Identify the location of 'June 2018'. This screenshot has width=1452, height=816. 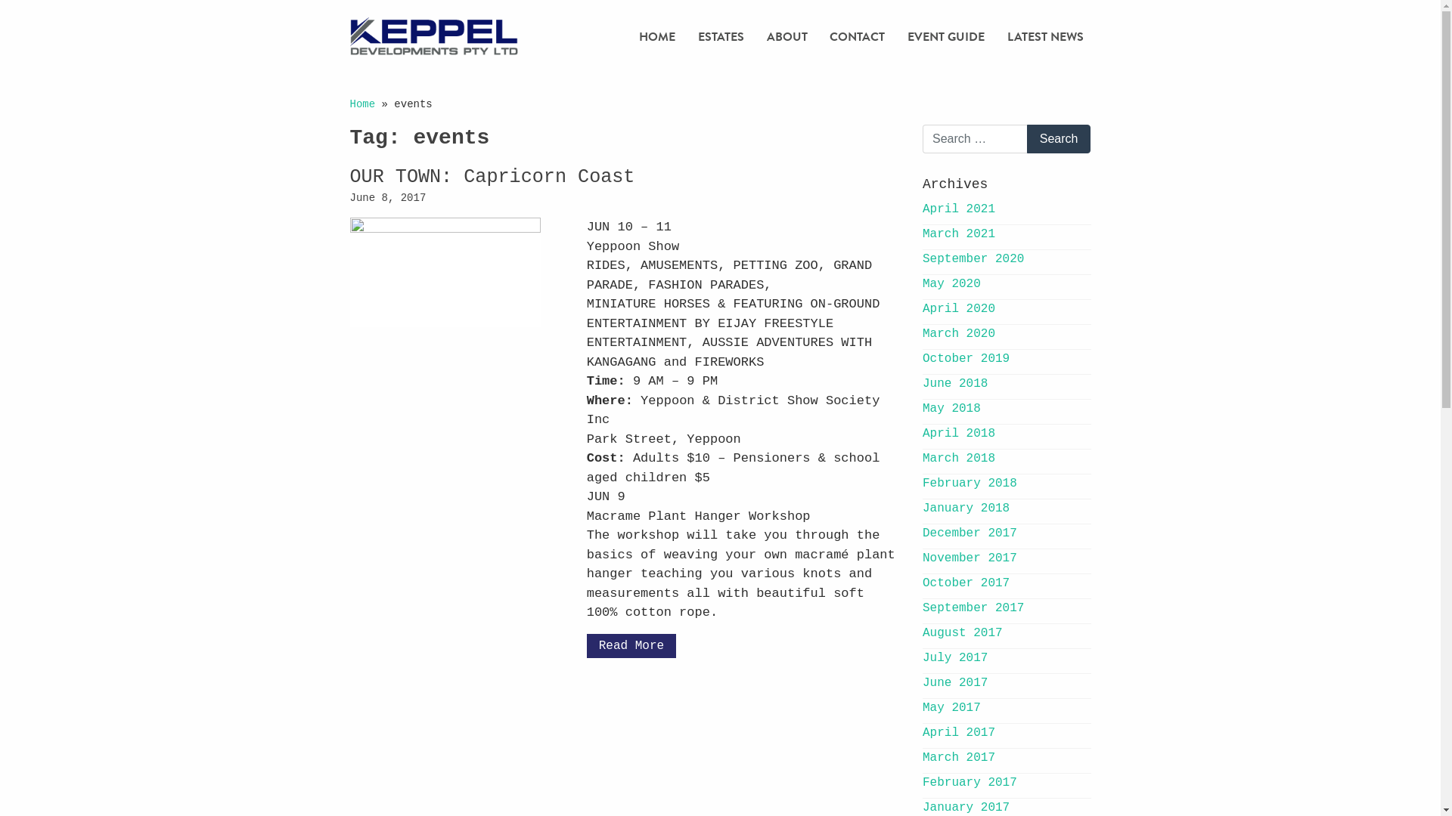
(954, 383).